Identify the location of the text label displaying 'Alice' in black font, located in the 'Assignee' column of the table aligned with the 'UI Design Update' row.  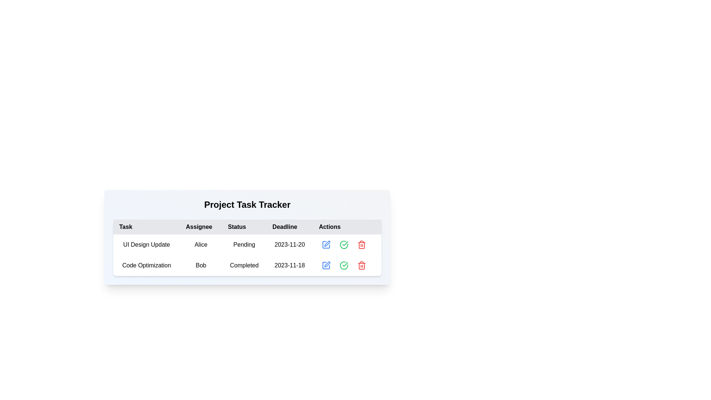
(201, 244).